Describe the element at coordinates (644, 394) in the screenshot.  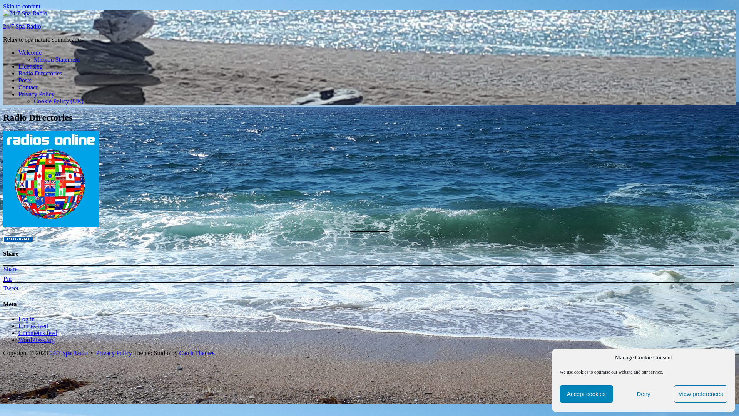
I see `'Deny'` at that location.